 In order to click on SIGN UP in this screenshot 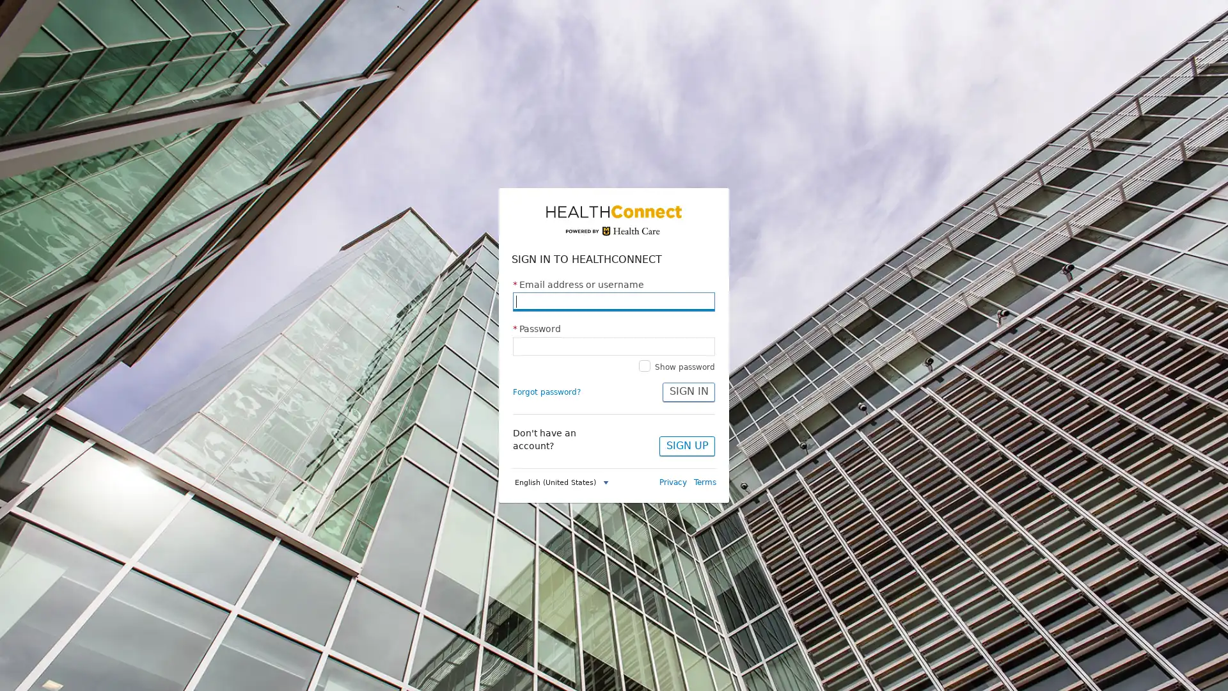, I will do `click(686, 445)`.